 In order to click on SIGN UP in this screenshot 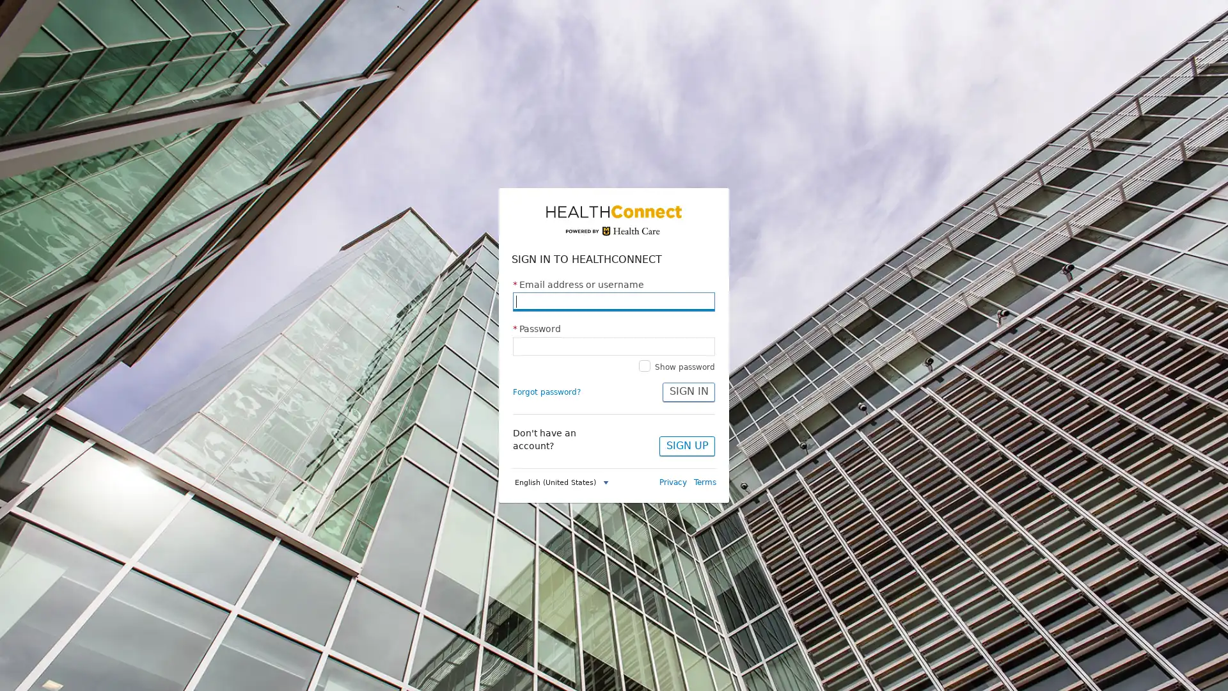, I will do `click(686, 445)`.